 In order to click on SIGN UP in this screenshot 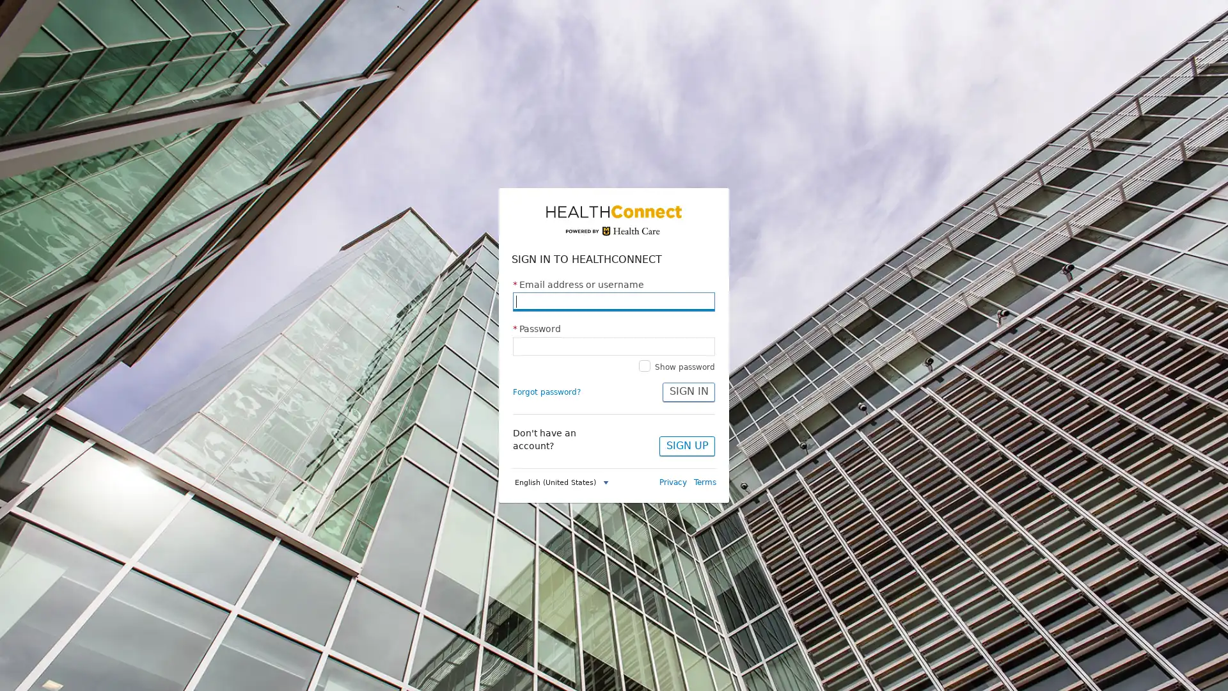, I will do `click(686, 445)`.